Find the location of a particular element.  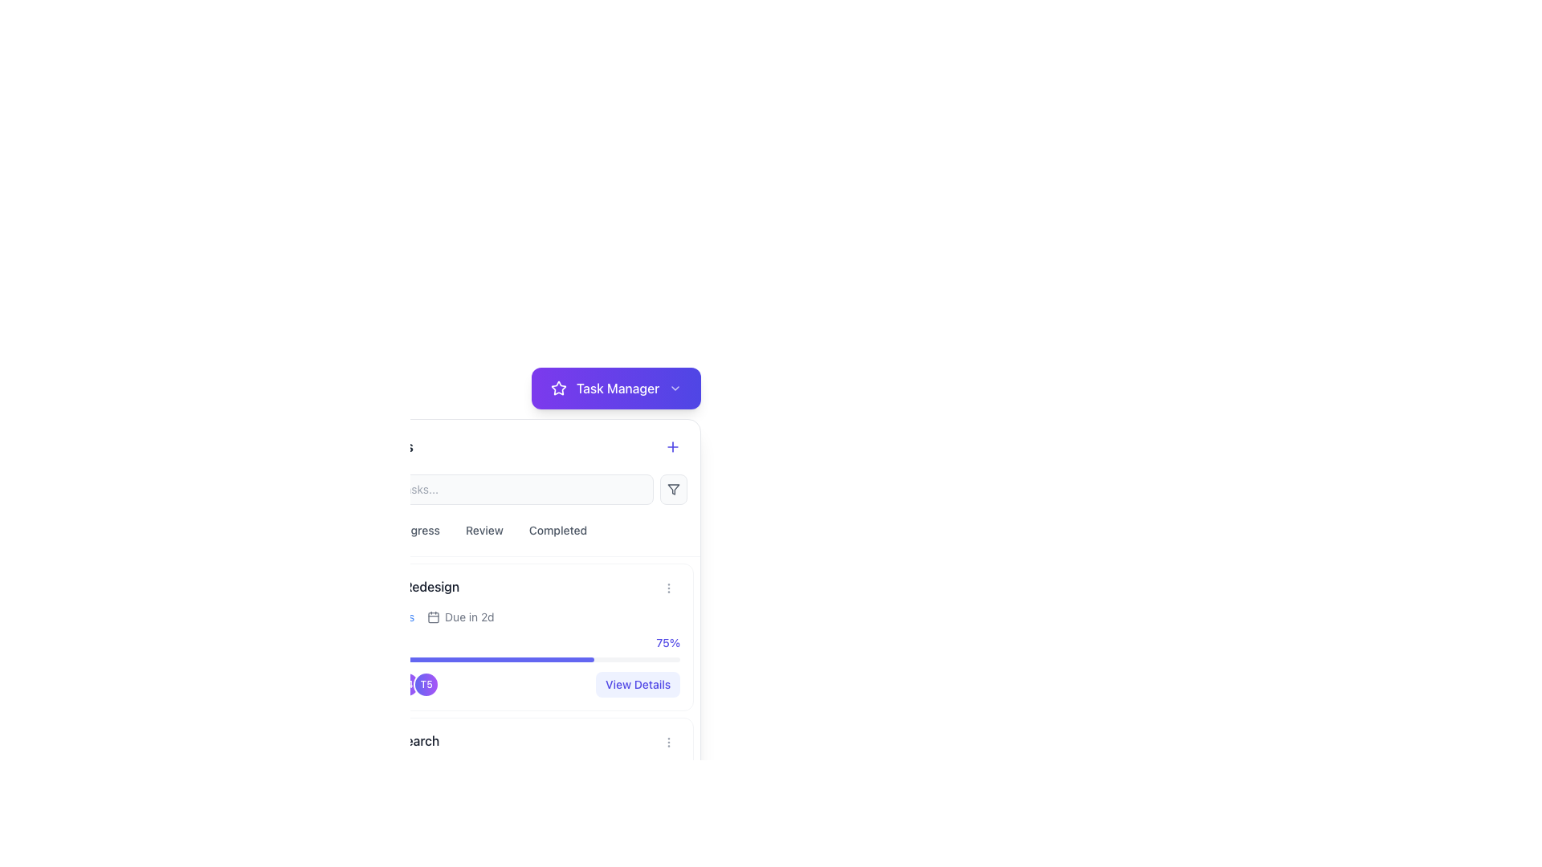

the filter icon button, which is an SVG representation of a funnel, located in the upper-middle section of the interface is located at coordinates (674, 488).